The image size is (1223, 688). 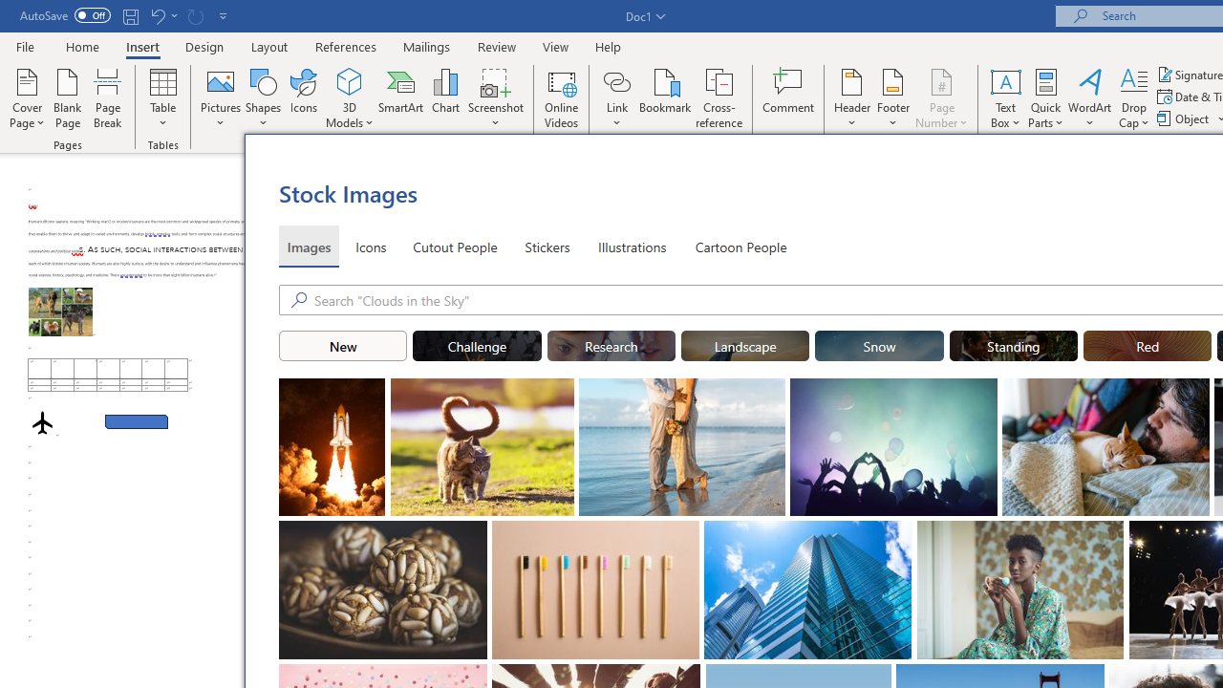 I want to click on 'File Tab', so click(x=25, y=45).